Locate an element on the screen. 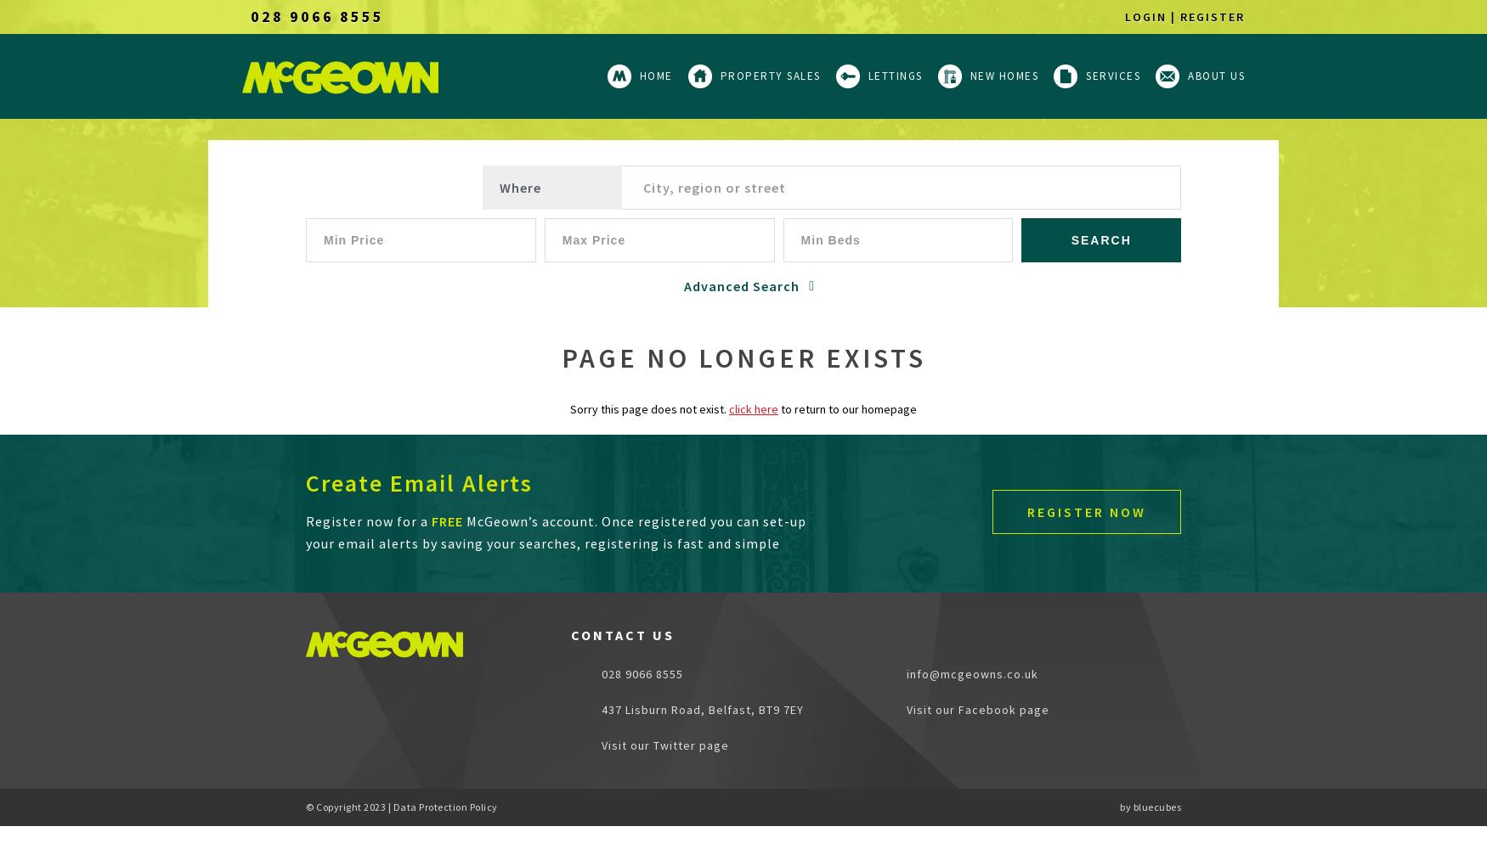 The height and width of the screenshot is (849, 1487). 'McGeown’s account. Once registered you can set-up your email alerts by saving your searches, registering is fast and simple' is located at coordinates (555, 532).